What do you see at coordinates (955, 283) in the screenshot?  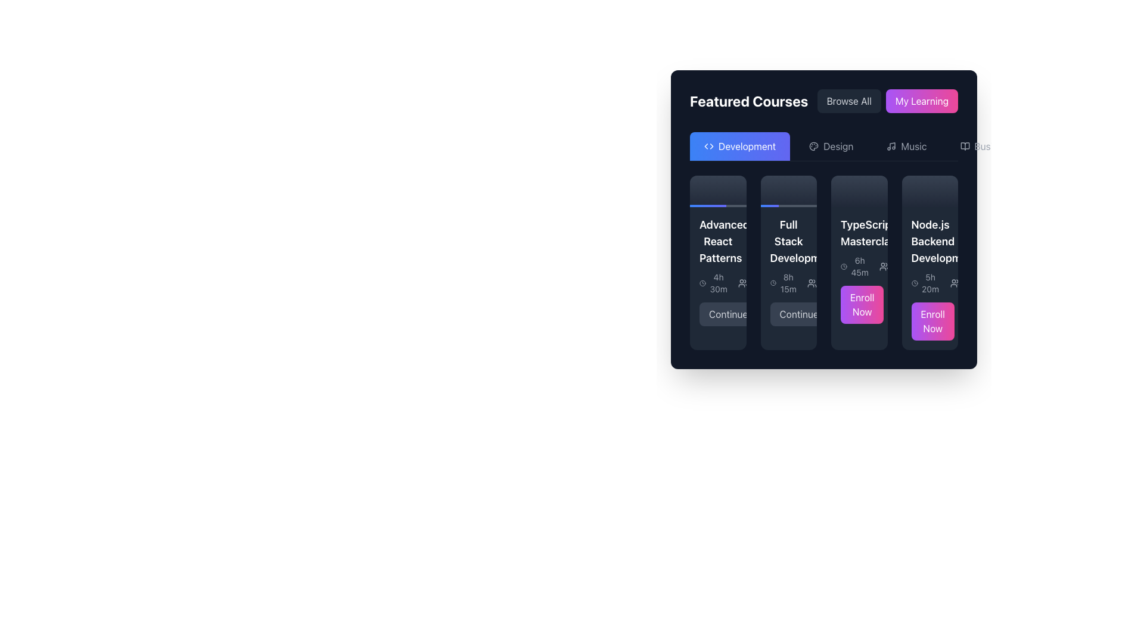 I see `the SVG-based icon representing a group or community of users` at bounding box center [955, 283].